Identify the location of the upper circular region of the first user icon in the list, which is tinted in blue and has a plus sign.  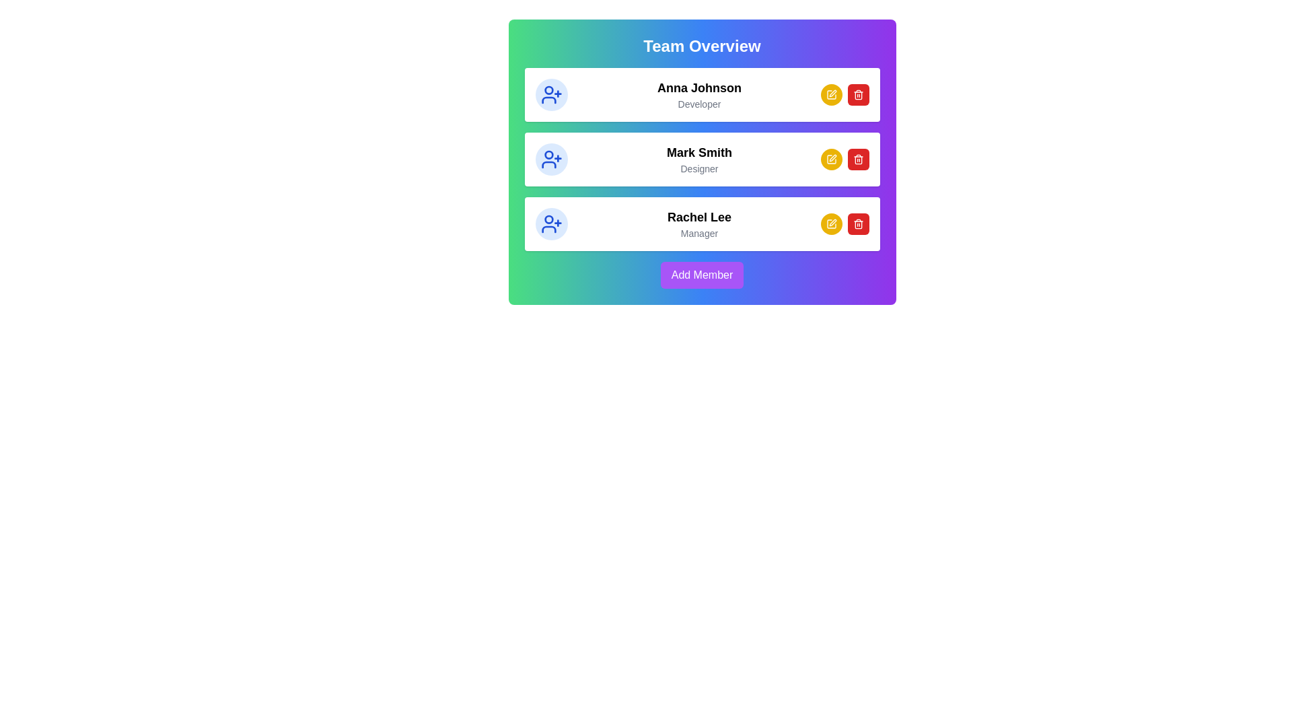
(548, 90).